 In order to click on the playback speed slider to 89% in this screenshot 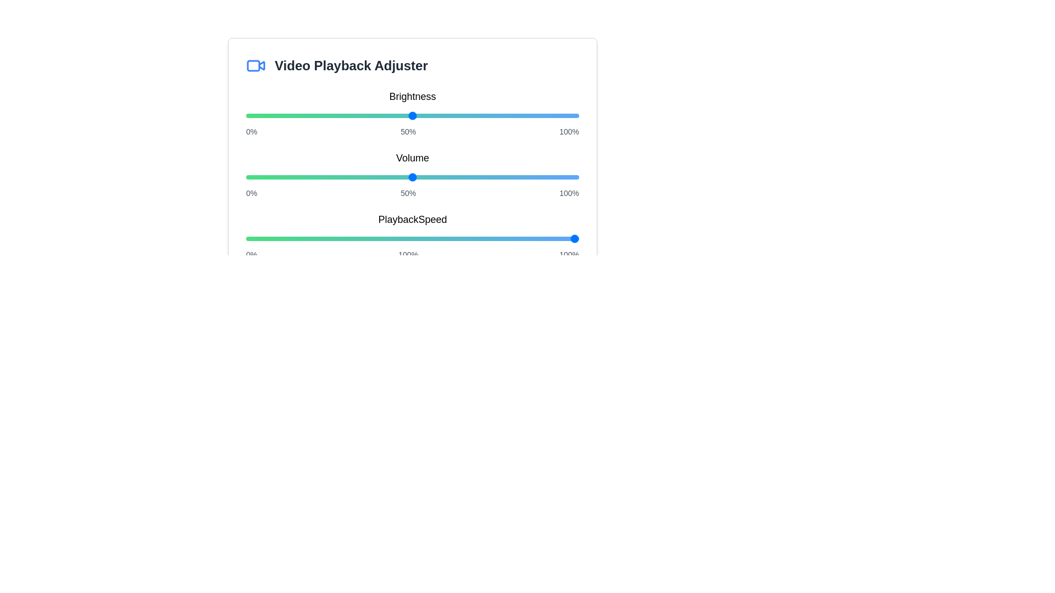, I will do `click(542, 238)`.